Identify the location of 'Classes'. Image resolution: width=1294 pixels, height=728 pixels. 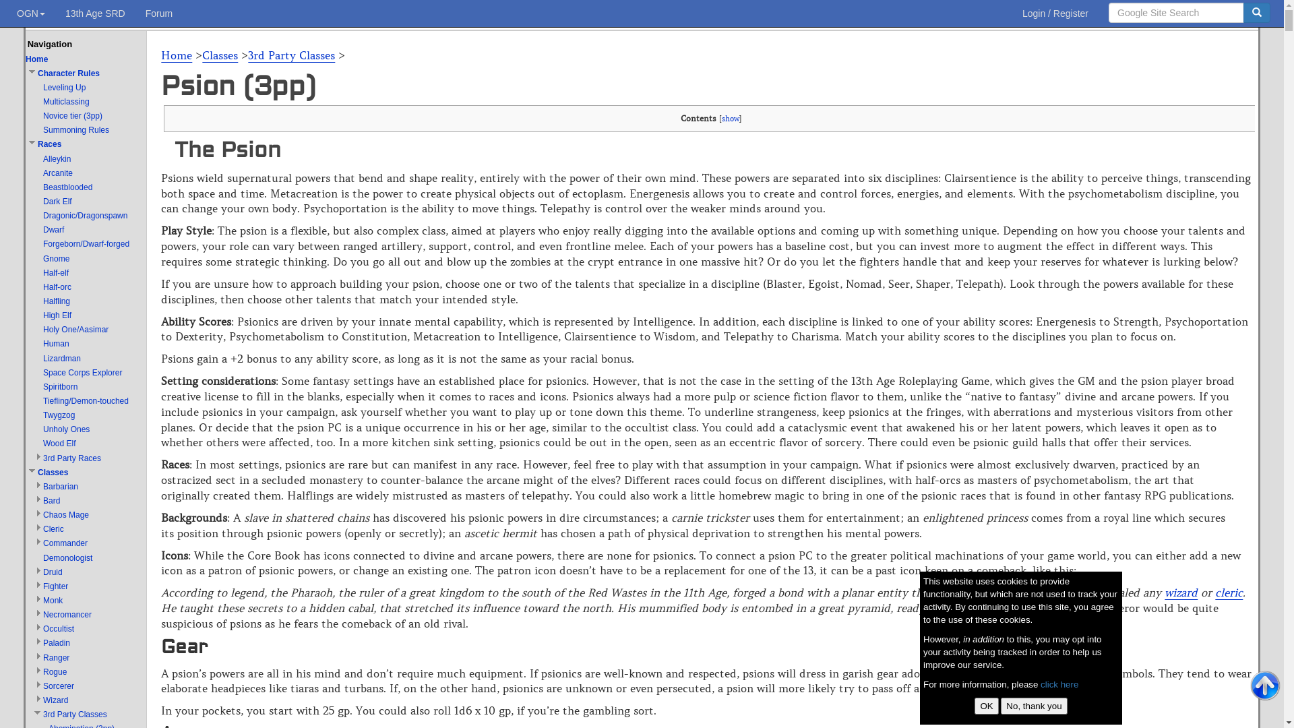
(220, 54).